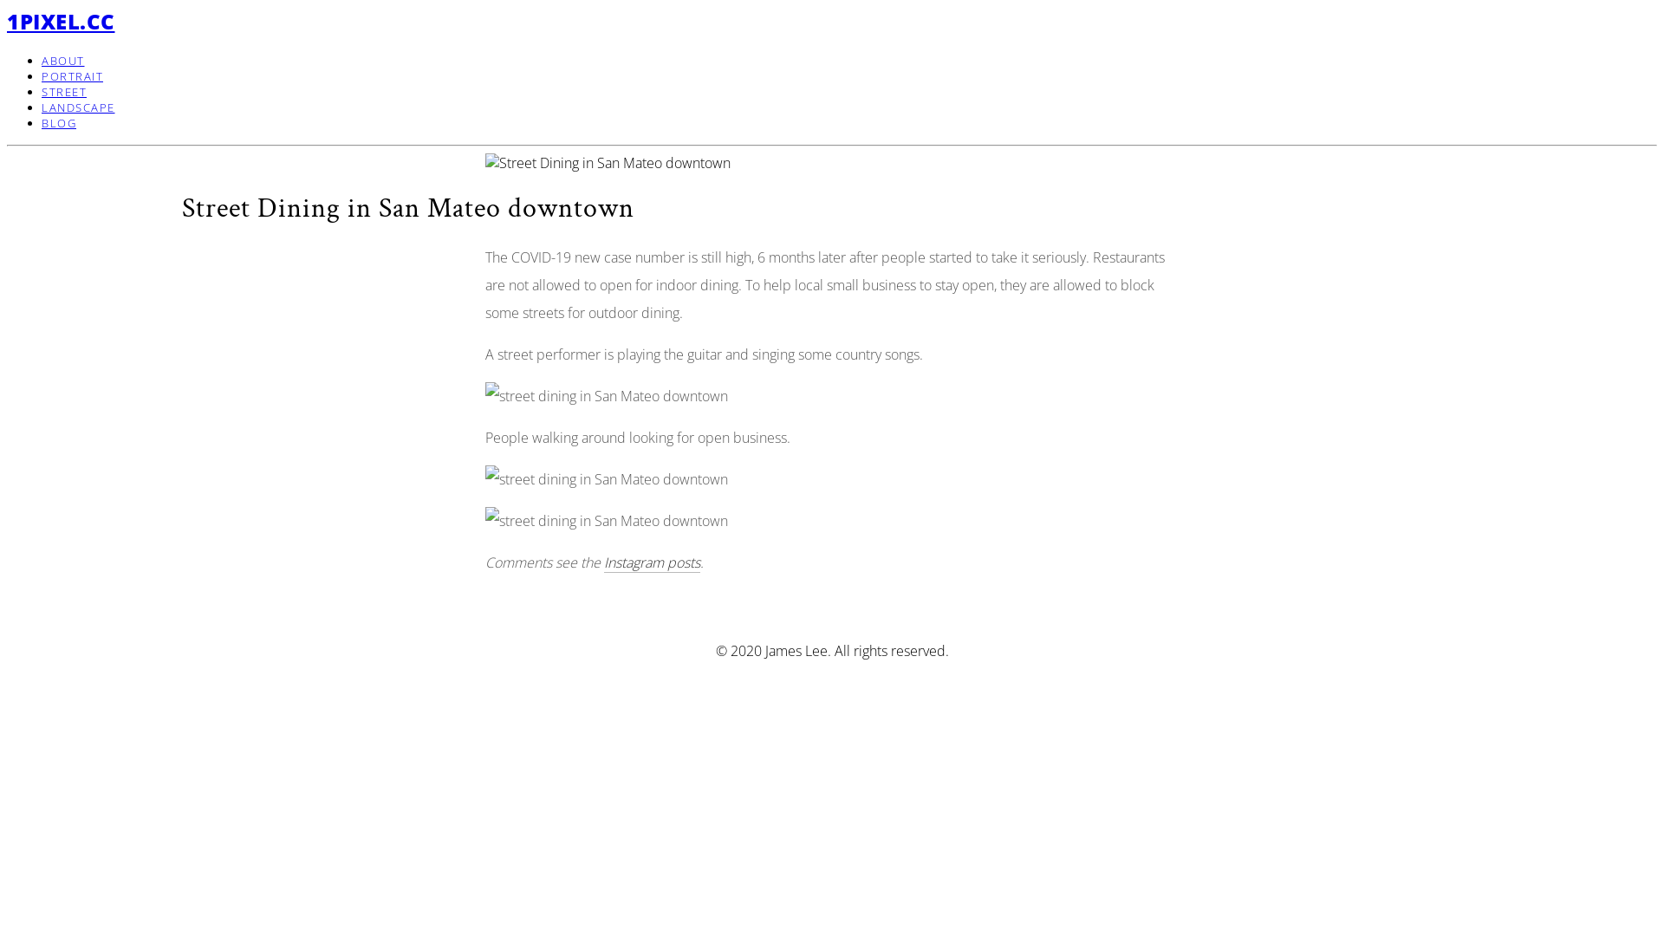  What do you see at coordinates (63, 91) in the screenshot?
I see `'STREET'` at bounding box center [63, 91].